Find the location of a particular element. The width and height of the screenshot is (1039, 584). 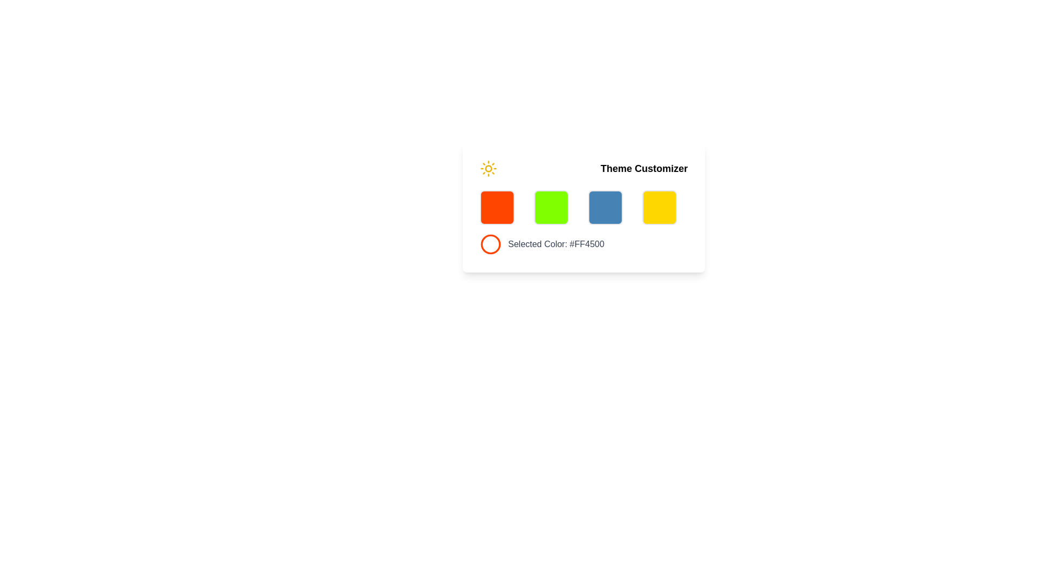

the label displaying 'Selected Color: #FF4500', which is styled in gray and located below a red circular color representation is located at coordinates (556, 244).